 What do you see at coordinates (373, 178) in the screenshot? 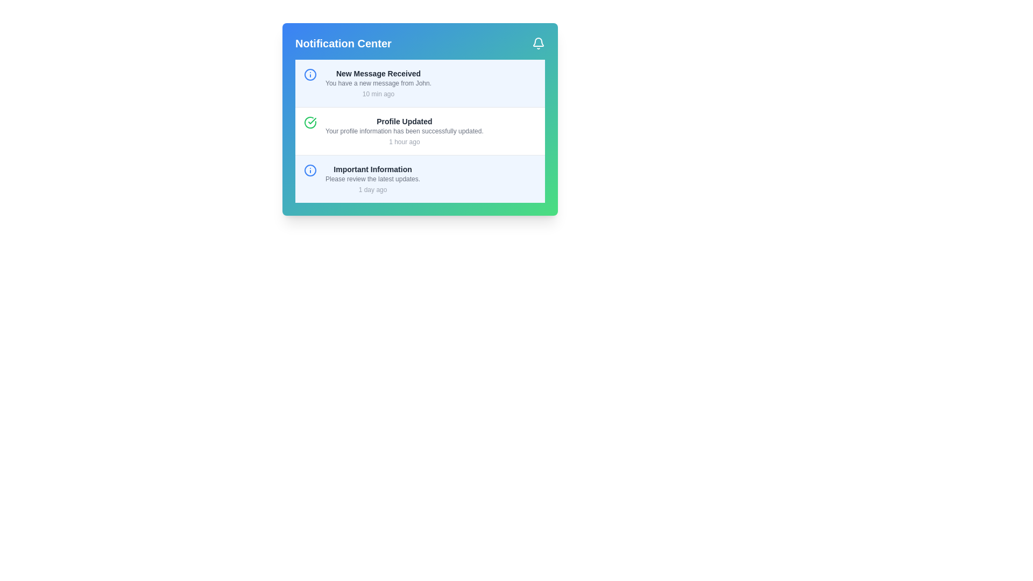
I see `the descriptive text label for the notification titled 'Important Information', positioned below the title and above the timestamp` at bounding box center [373, 178].